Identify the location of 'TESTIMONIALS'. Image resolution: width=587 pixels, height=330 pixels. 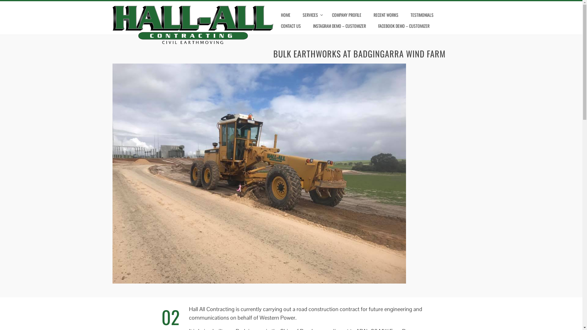
(422, 15).